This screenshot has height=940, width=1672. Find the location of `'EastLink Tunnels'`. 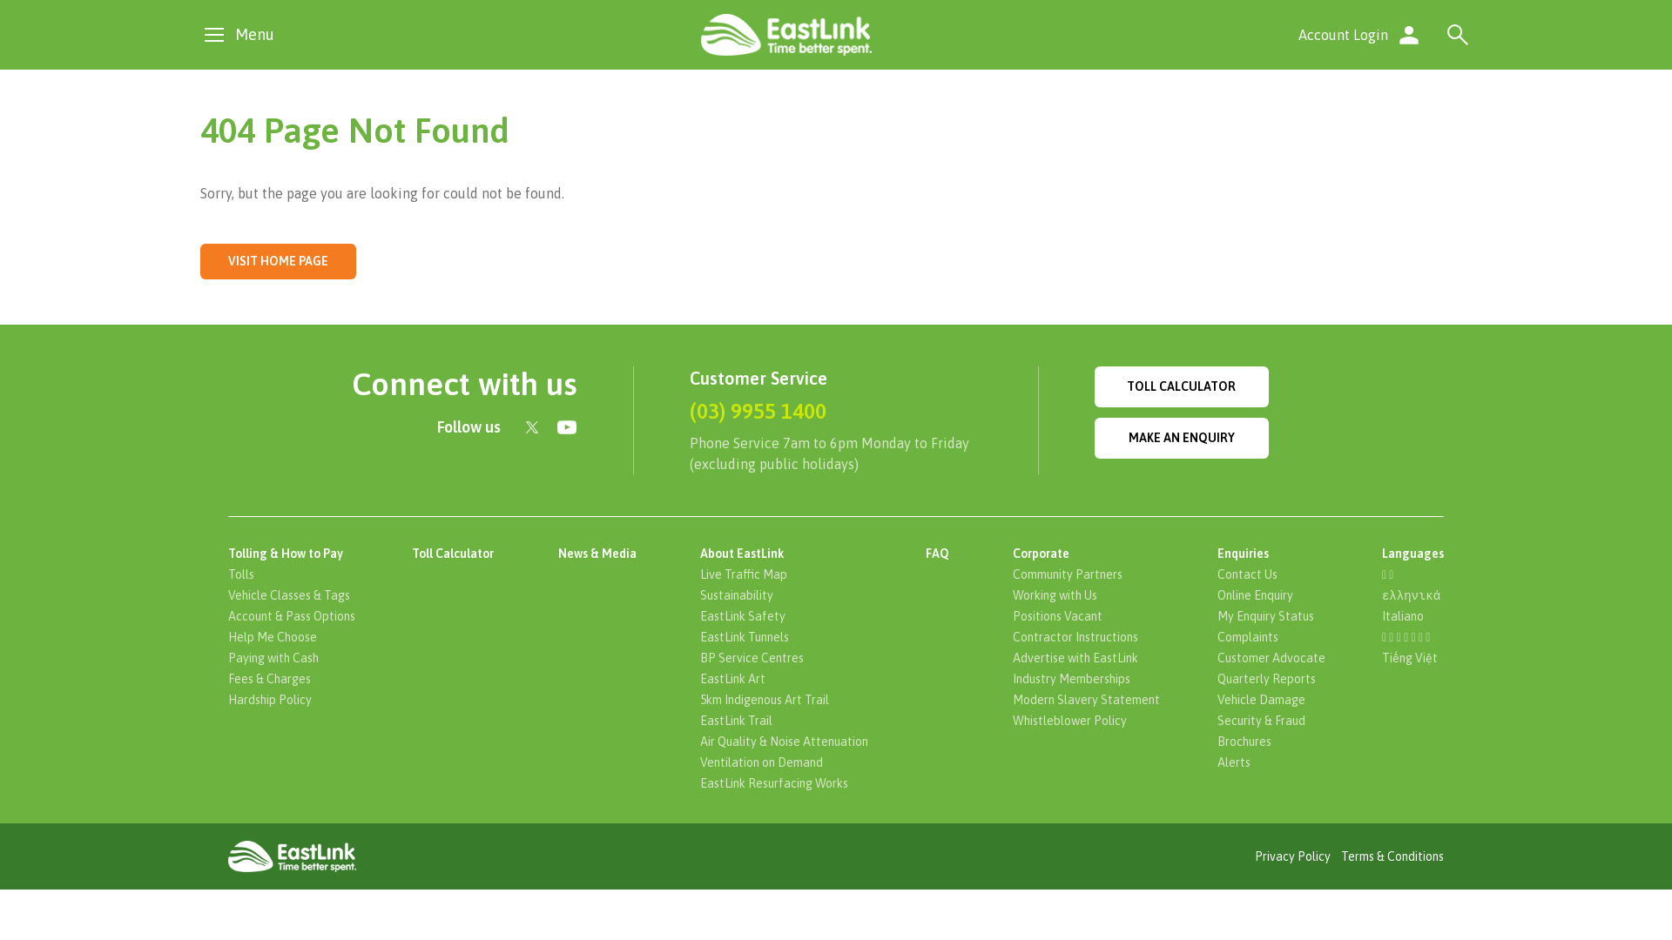

'EastLink Tunnels' is located at coordinates (752, 637).